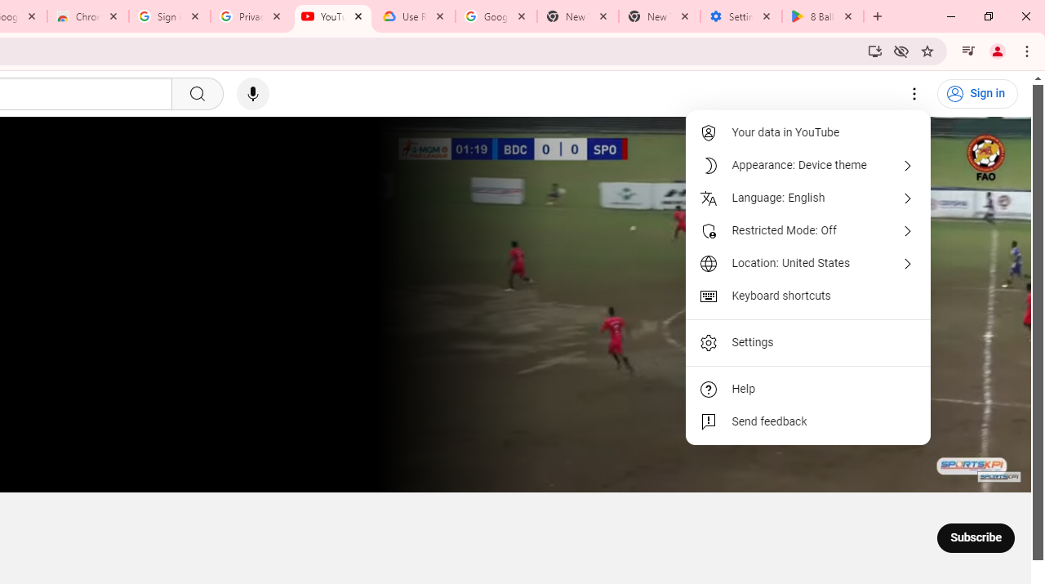 Image resolution: width=1045 pixels, height=588 pixels. I want to click on 'Language: English', so click(808, 198).